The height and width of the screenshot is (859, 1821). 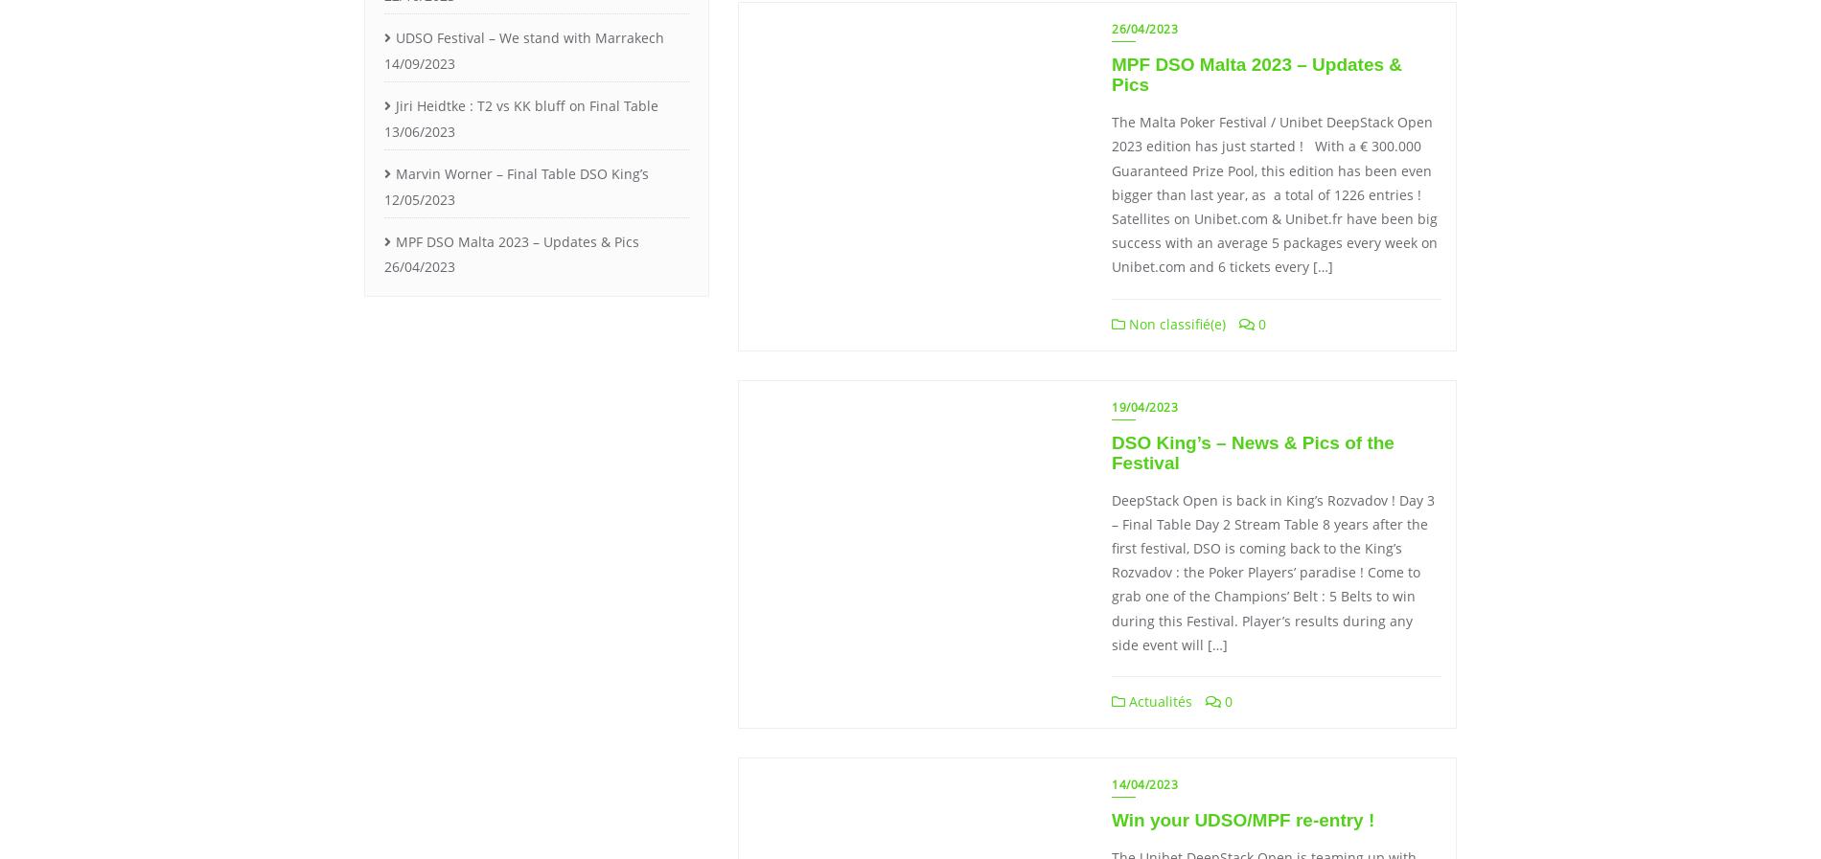 What do you see at coordinates (418, 197) in the screenshot?
I see `'12/05/2023'` at bounding box center [418, 197].